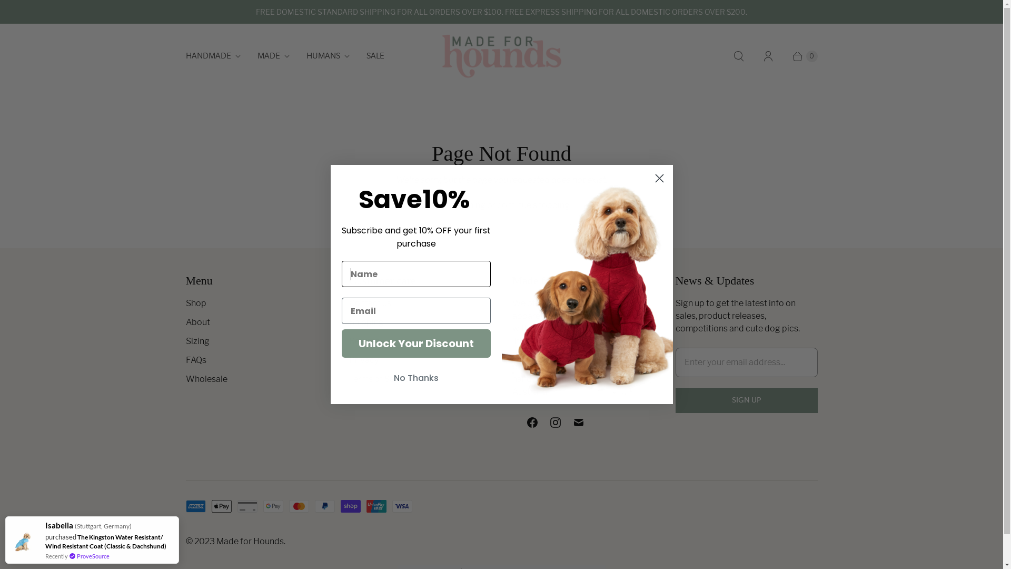 Image resolution: width=1011 pixels, height=569 pixels. Describe the element at coordinates (93, 555) in the screenshot. I see `'ProveSource'` at that location.